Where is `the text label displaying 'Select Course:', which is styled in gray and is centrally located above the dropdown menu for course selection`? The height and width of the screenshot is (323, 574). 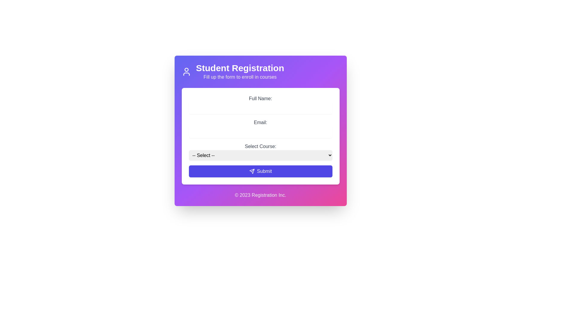 the text label displaying 'Select Course:', which is styled in gray and is centrally located above the dropdown menu for course selection is located at coordinates (260, 146).